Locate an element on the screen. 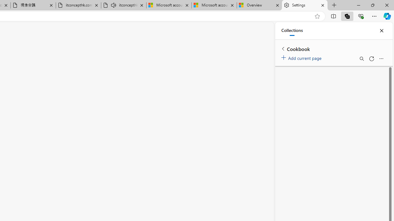 This screenshot has width=394, height=221. 'Mute tab' is located at coordinates (114, 5).